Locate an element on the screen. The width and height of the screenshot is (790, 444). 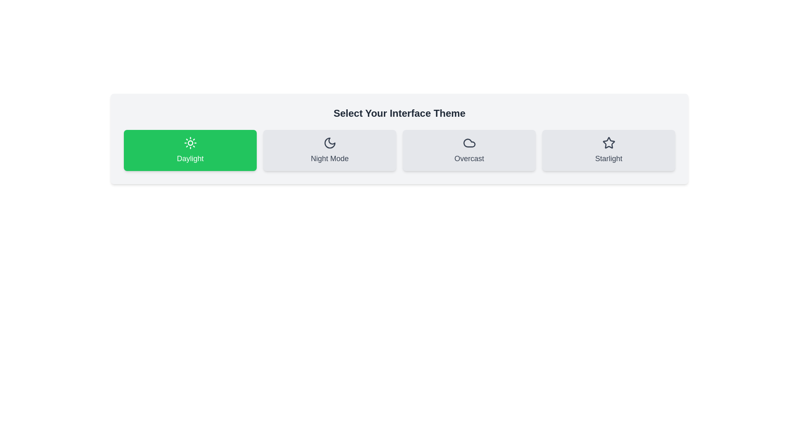
the theme by clicking on the Starlight button is located at coordinates (609, 150).